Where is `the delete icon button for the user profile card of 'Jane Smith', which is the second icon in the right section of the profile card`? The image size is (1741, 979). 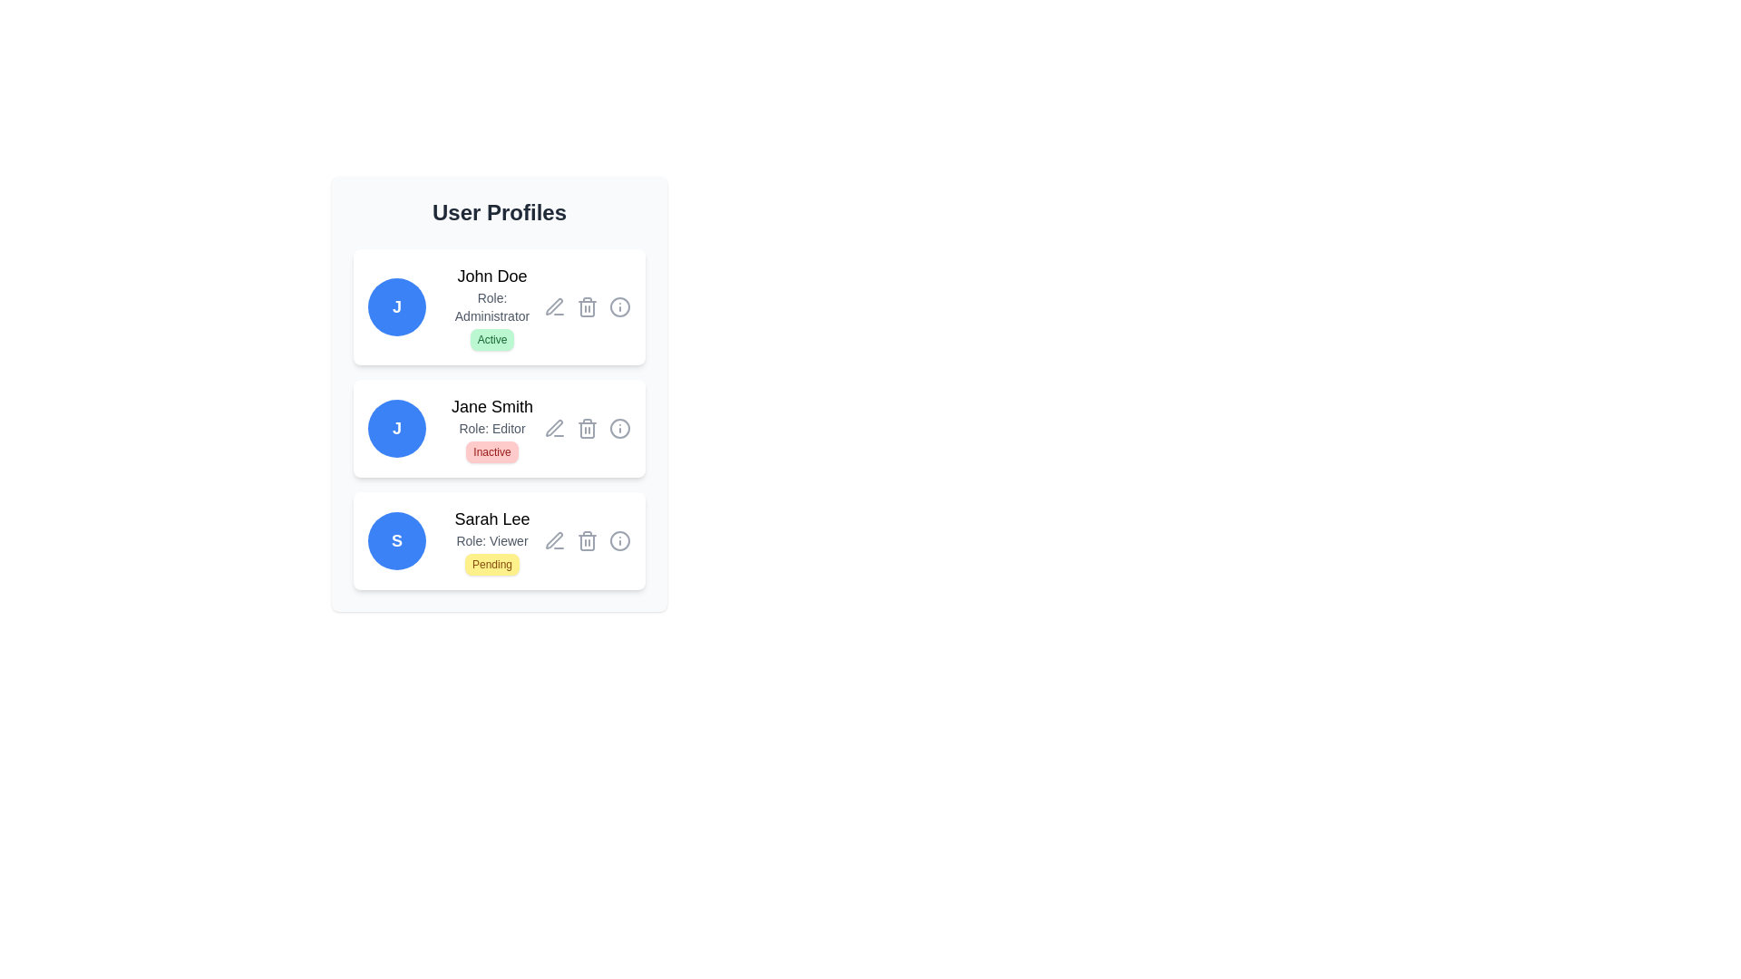 the delete icon button for the user profile card of 'Jane Smith', which is the second icon in the right section of the profile card is located at coordinates (588, 429).